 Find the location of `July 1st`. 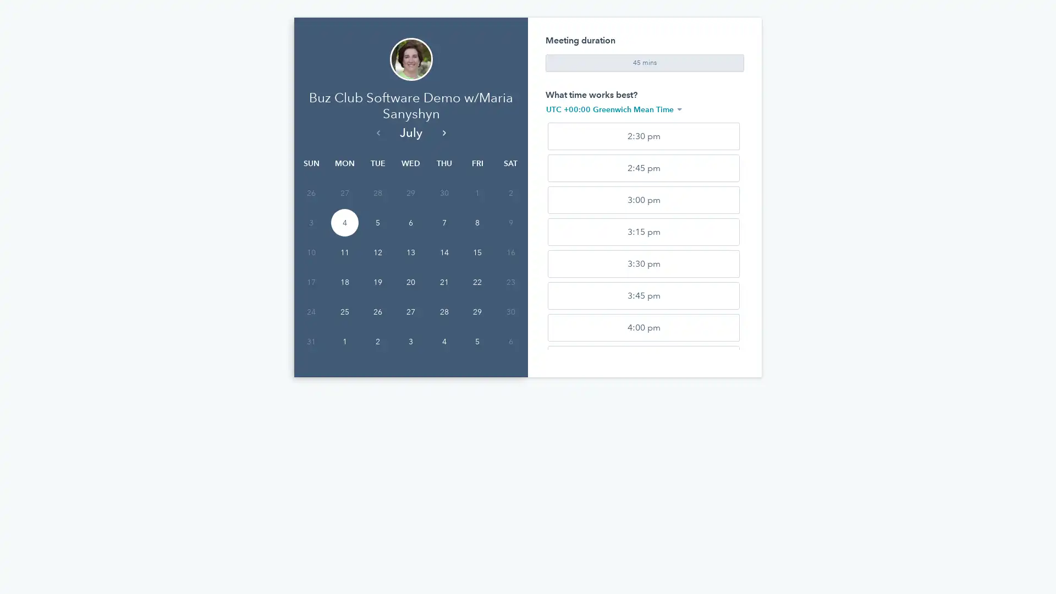

July 1st is located at coordinates (477, 234).